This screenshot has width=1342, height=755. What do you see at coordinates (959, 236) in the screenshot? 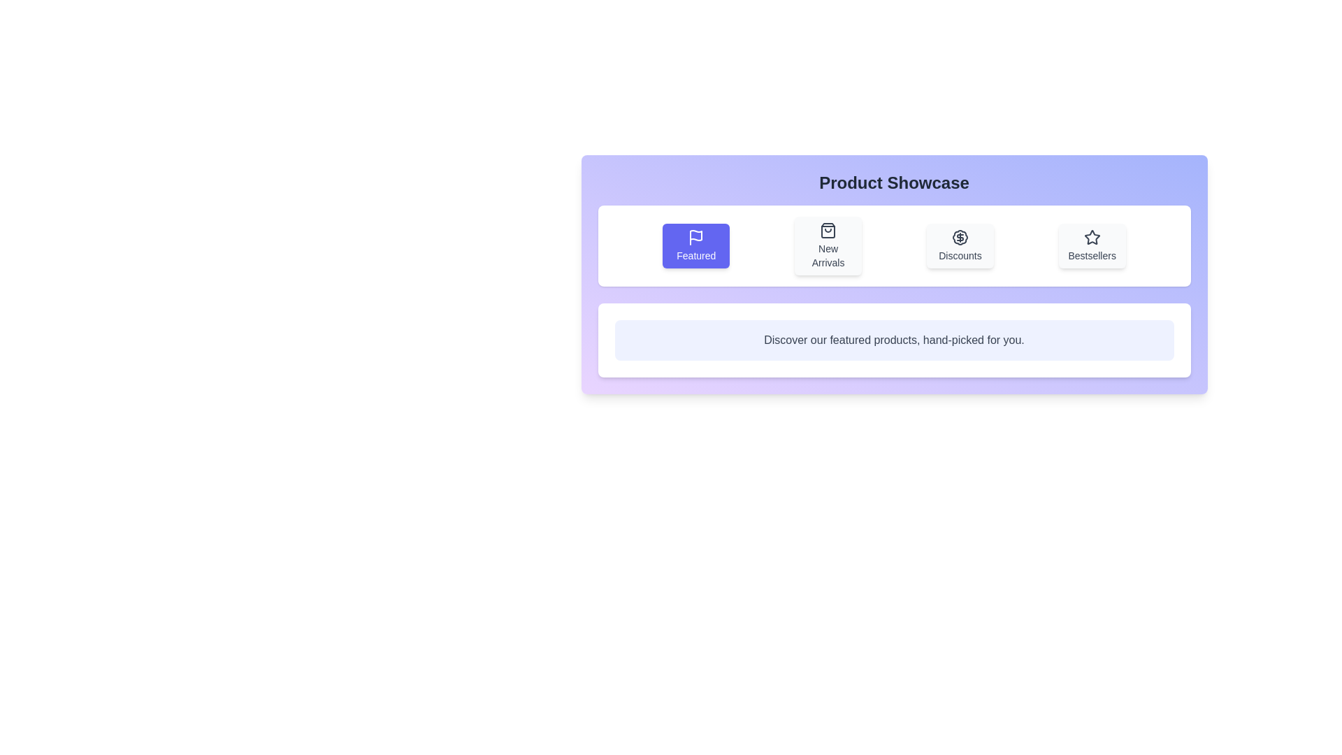
I see `the third circular badge icon with a dollar sign, which is part of the group of icons displayed below the 'Product Showcase' heading` at bounding box center [959, 236].